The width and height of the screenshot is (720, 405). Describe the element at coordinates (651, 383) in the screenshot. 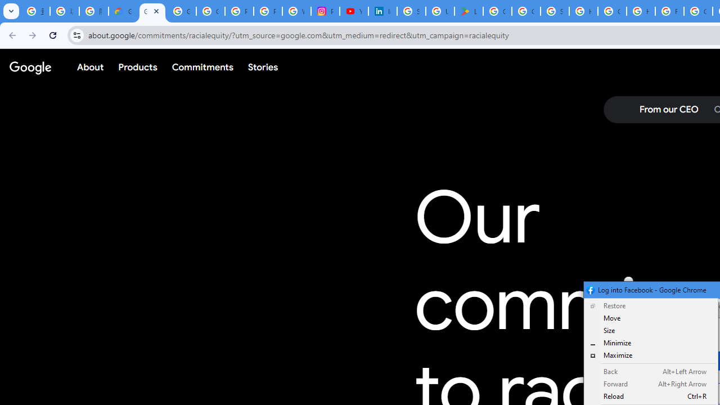

I see `'Forward	Alt+Right Arrow'` at that location.